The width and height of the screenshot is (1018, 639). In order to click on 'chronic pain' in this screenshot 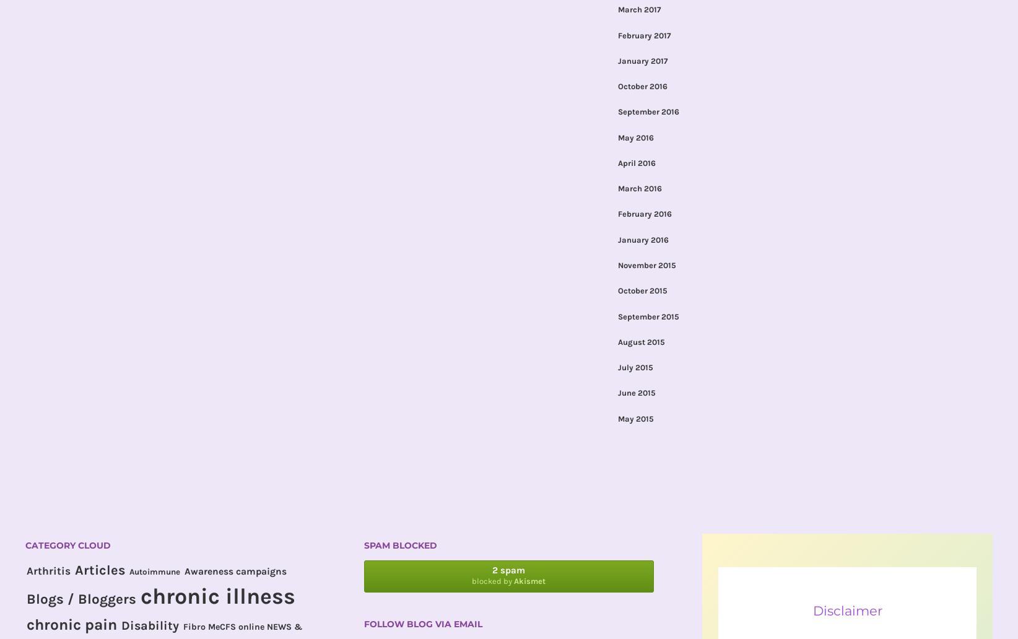, I will do `click(71, 624)`.